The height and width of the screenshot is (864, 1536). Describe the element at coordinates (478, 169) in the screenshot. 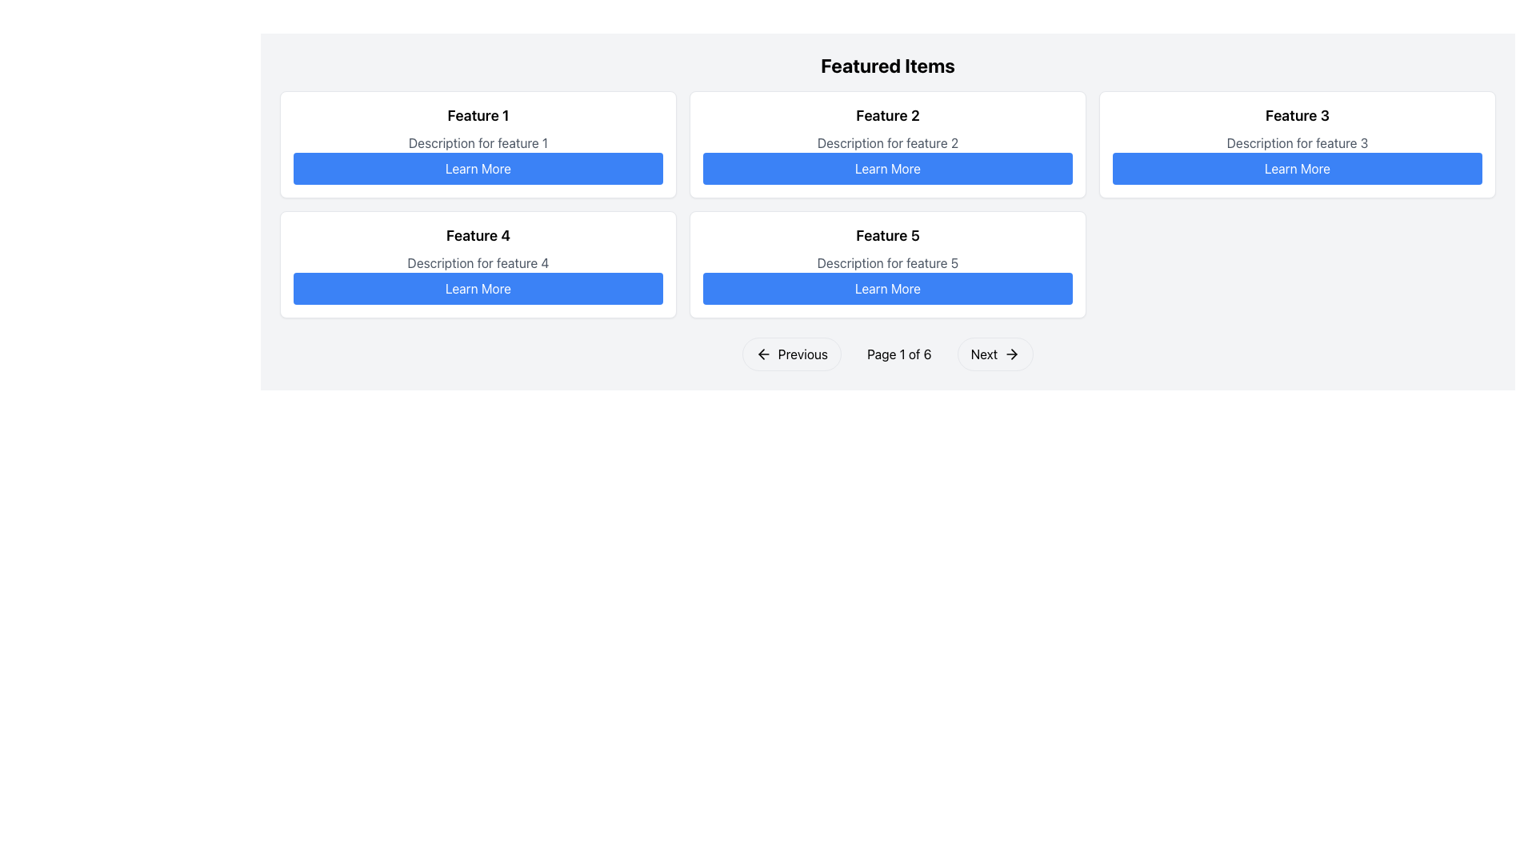

I see `the 'Learn More' button, which has a blue background and white text, located at the bottom of the 'Feature 1' card` at that location.